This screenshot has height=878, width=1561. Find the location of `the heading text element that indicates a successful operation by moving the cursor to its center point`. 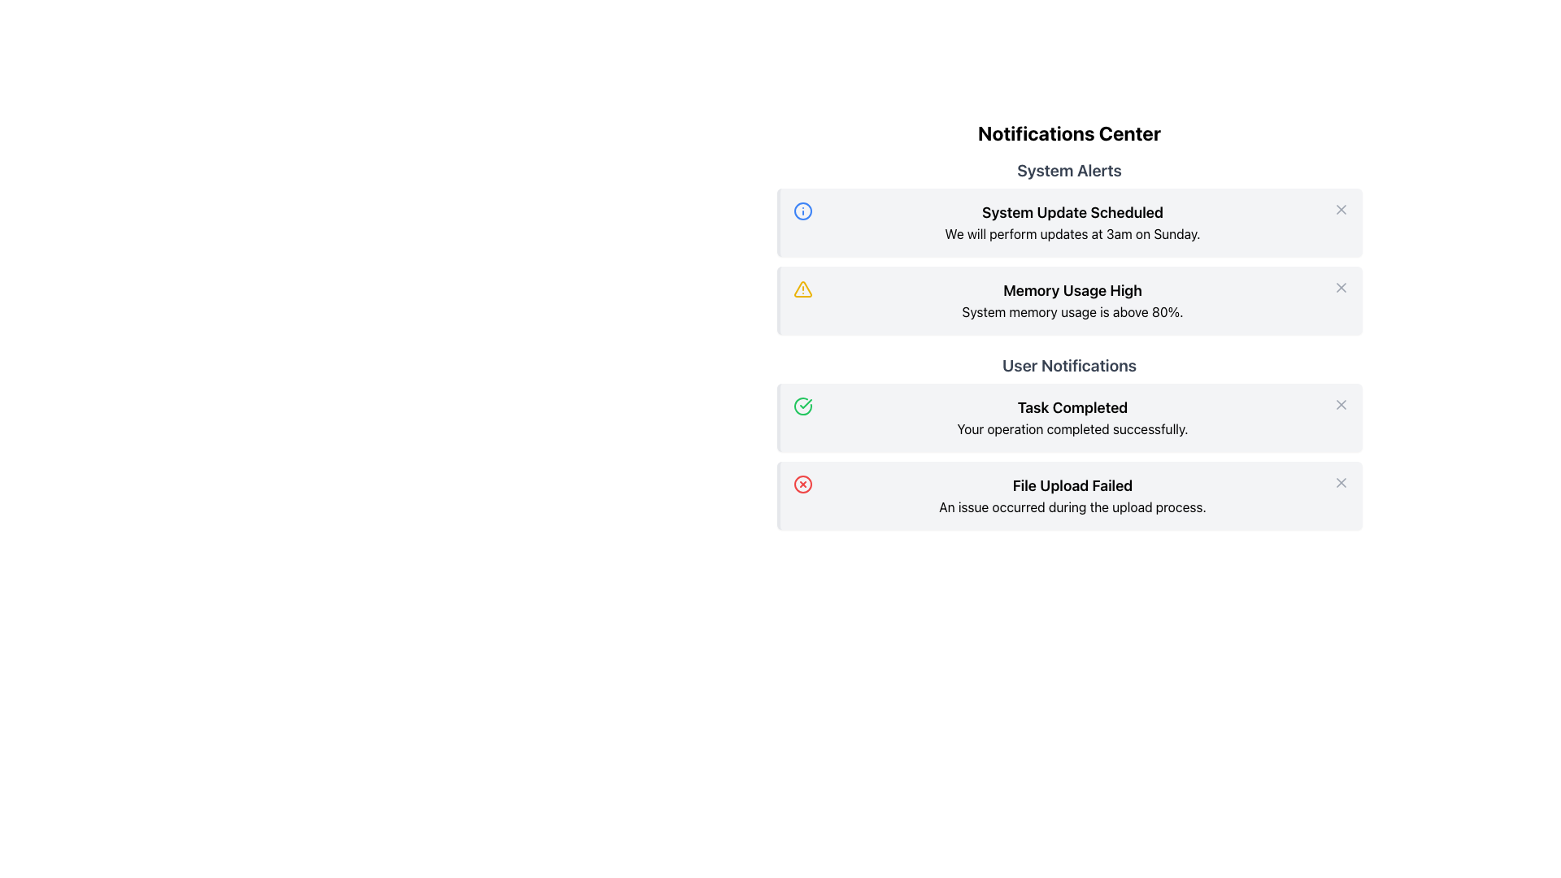

the heading text element that indicates a successful operation by moving the cursor to its center point is located at coordinates (1072, 406).